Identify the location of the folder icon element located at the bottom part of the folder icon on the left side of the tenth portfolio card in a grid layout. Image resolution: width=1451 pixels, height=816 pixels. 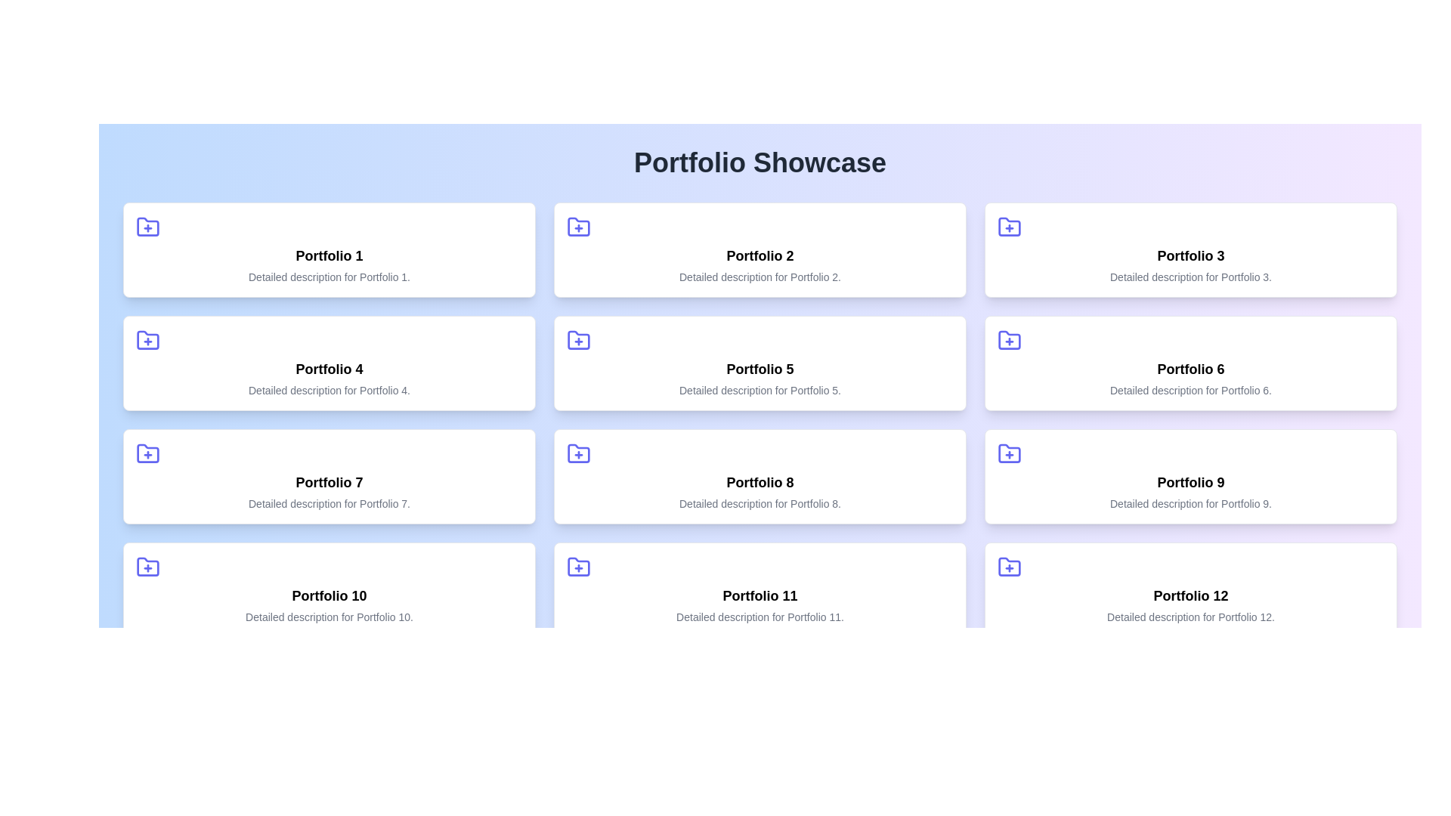
(148, 566).